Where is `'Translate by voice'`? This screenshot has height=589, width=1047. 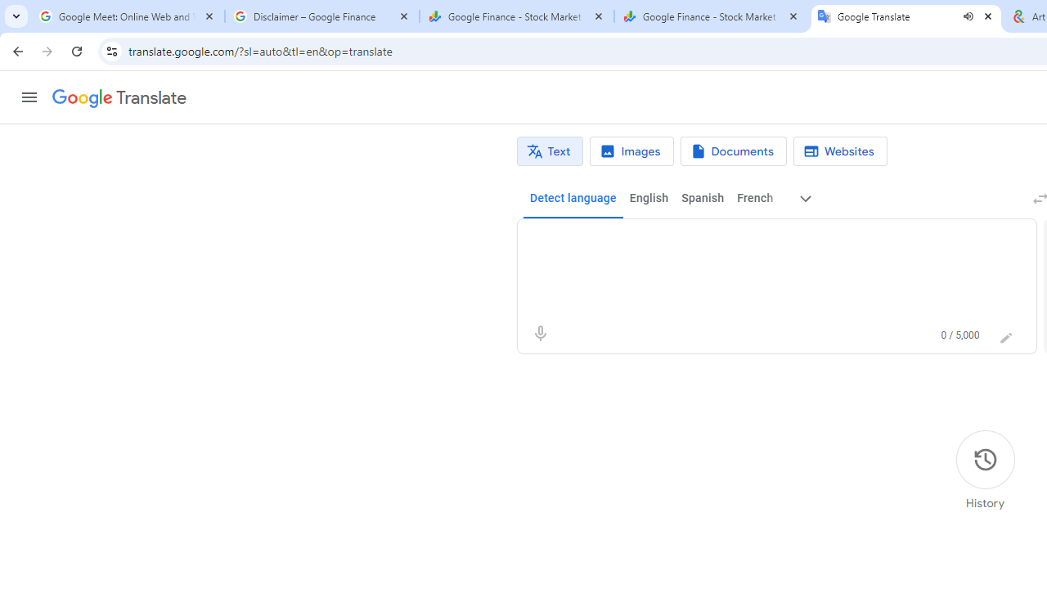 'Translate by voice' is located at coordinates (540, 332).